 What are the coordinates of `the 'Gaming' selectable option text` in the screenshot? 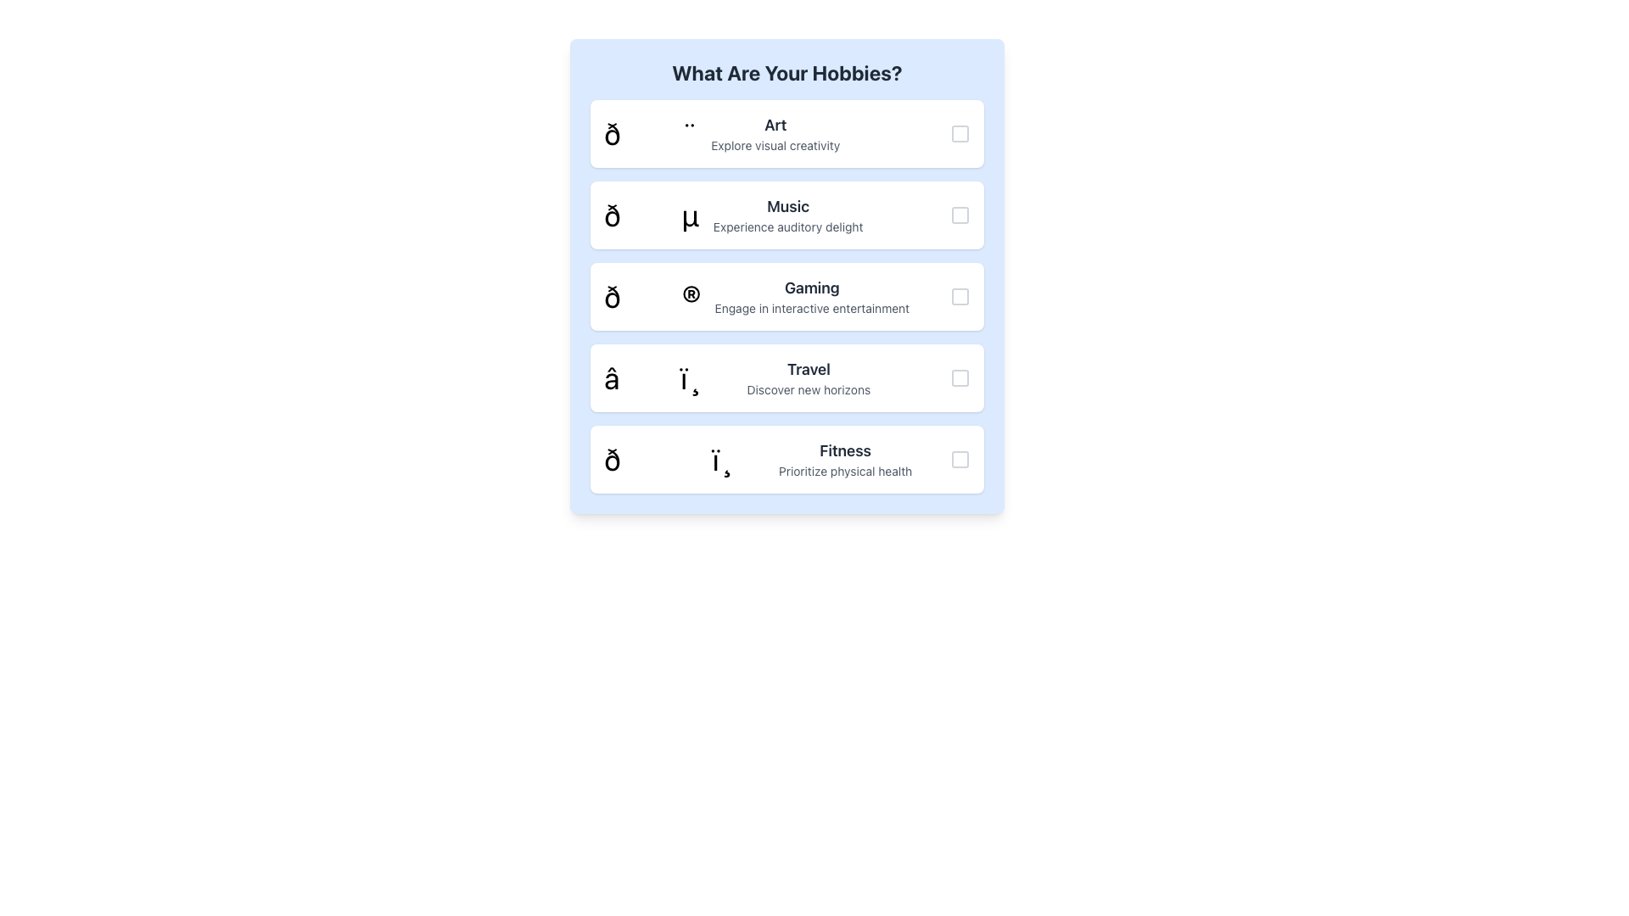 It's located at (786, 296).